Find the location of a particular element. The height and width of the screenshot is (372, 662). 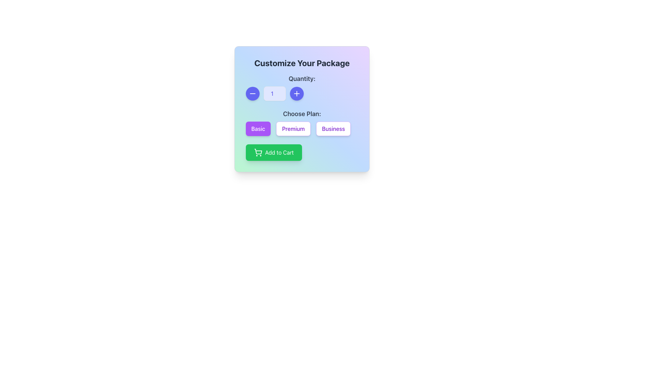

the 'Add to Cart' button by clicking on the icon located to the left of the button's text is located at coordinates (258, 152).